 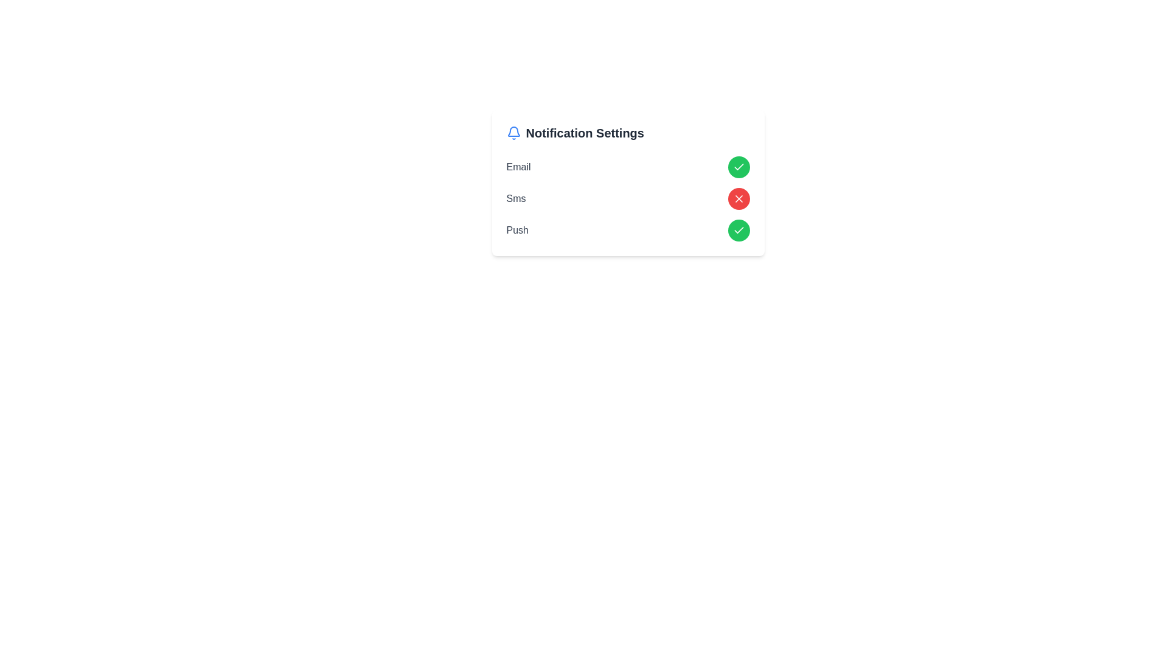 I want to click on the SMS notification type option in the Notification Settings list, which is the second item between Email and Push, so click(x=516, y=198).